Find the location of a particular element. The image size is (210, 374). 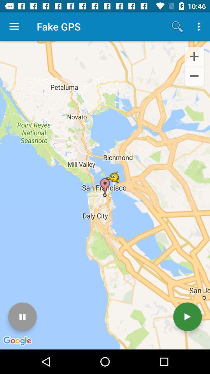

the play icon is located at coordinates (187, 317).